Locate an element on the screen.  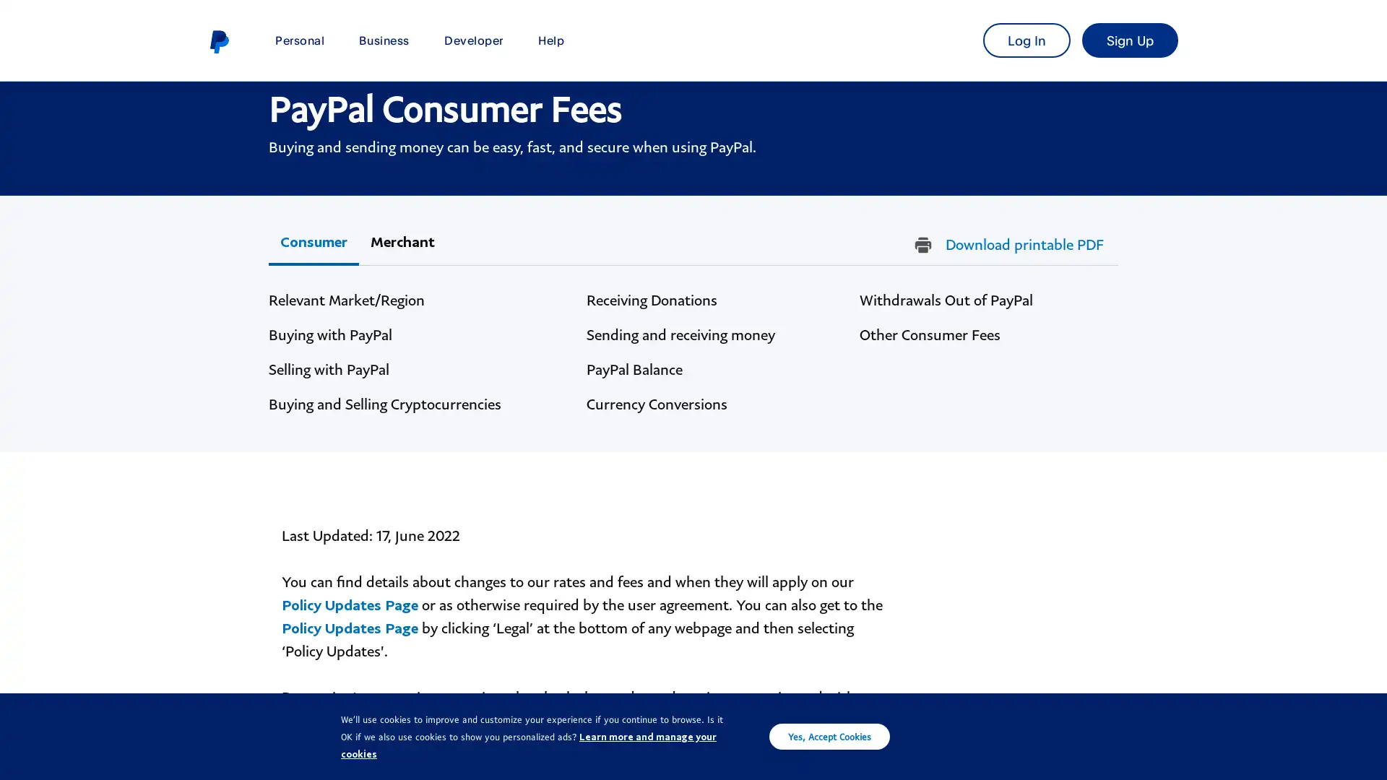
Log In is located at coordinates (1026, 40).